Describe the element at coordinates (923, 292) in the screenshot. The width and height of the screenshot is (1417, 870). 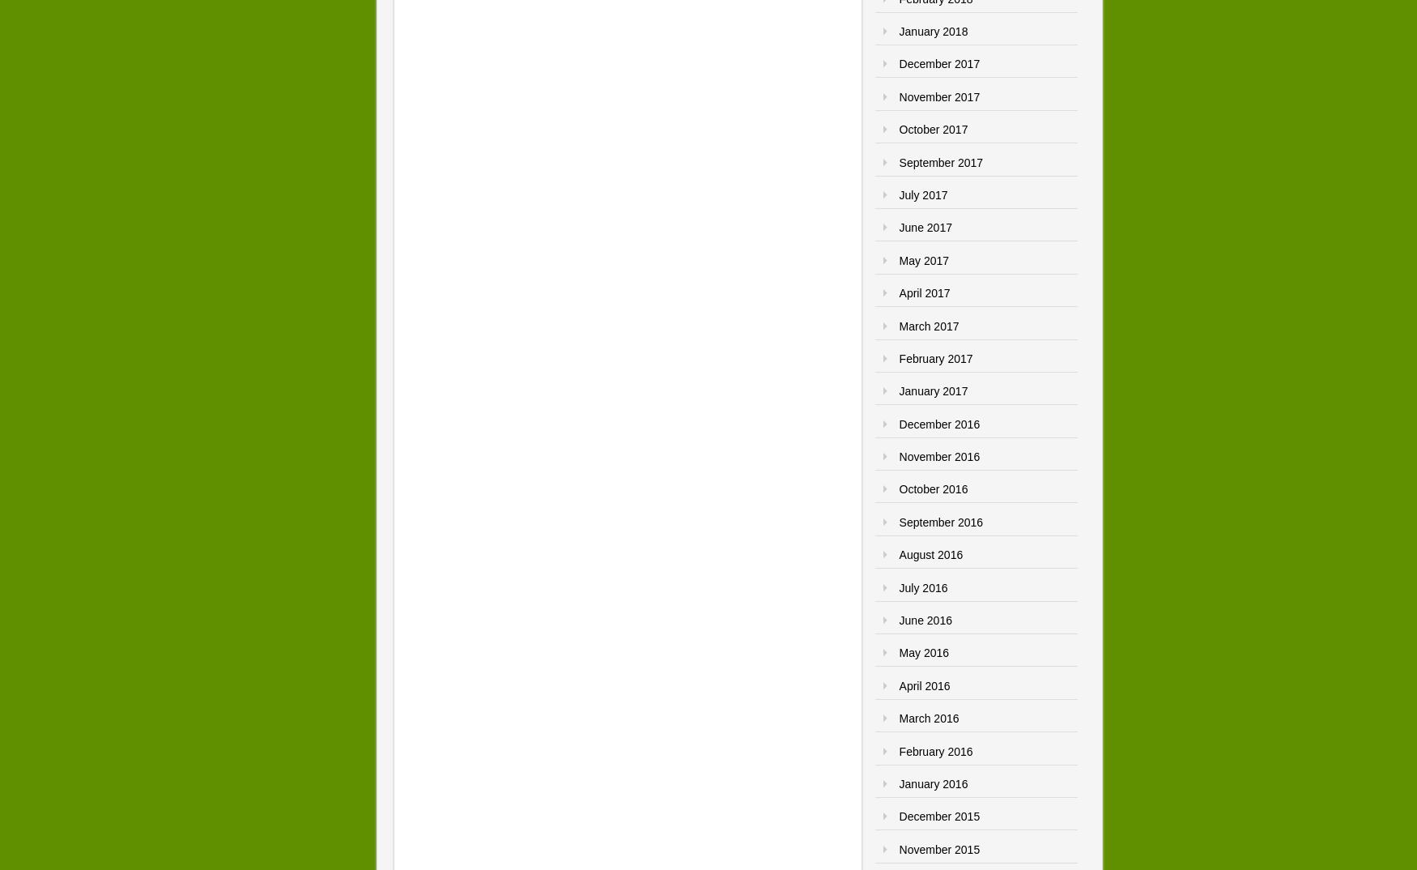
I see `'April 2017'` at that location.